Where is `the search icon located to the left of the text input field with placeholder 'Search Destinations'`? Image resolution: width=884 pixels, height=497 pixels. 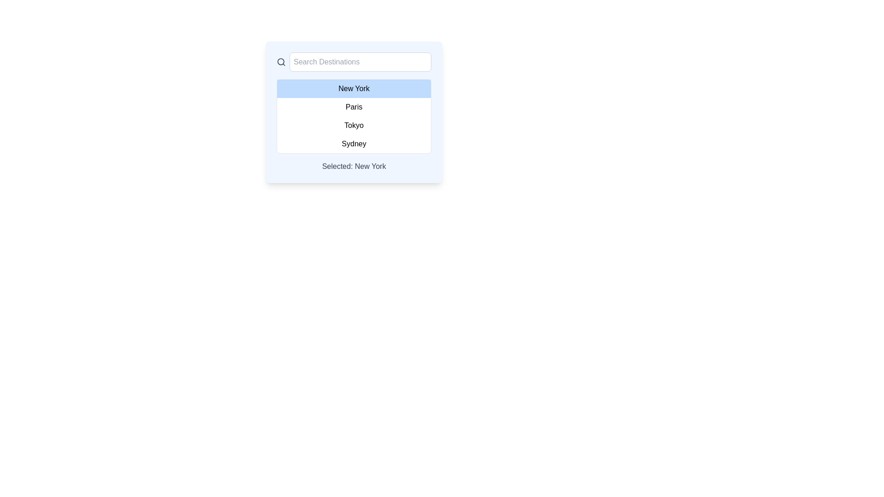 the search icon located to the left of the text input field with placeholder 'Search Destinations' is located at coordinates (280, 62).